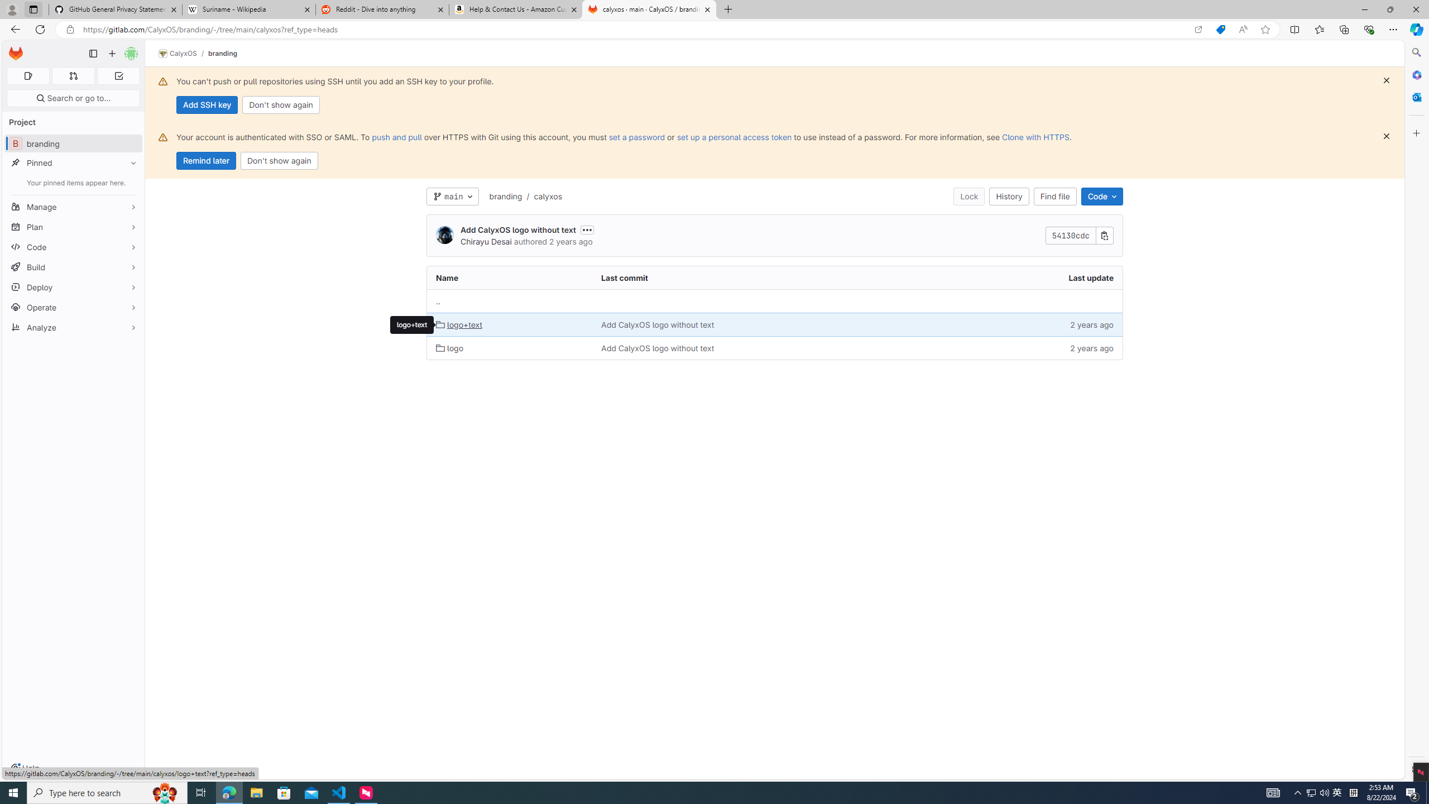 This screenshot has height=804, width=1429. I want to click on 'Operate', so click(73, 307).